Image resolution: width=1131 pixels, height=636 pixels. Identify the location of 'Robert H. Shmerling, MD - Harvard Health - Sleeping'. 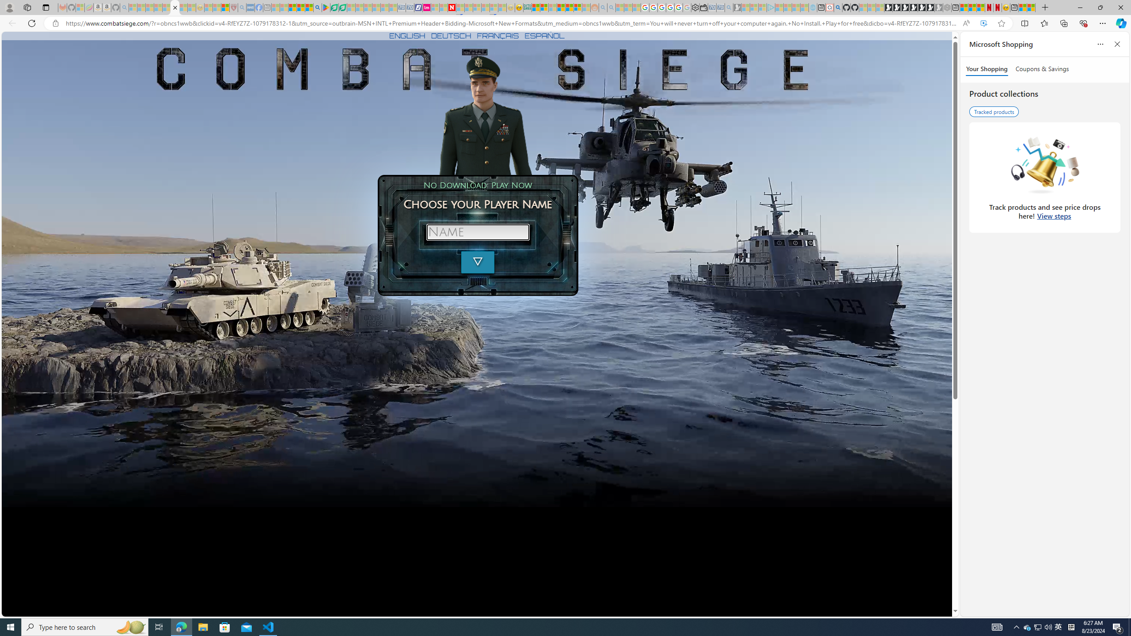
(234, 7).